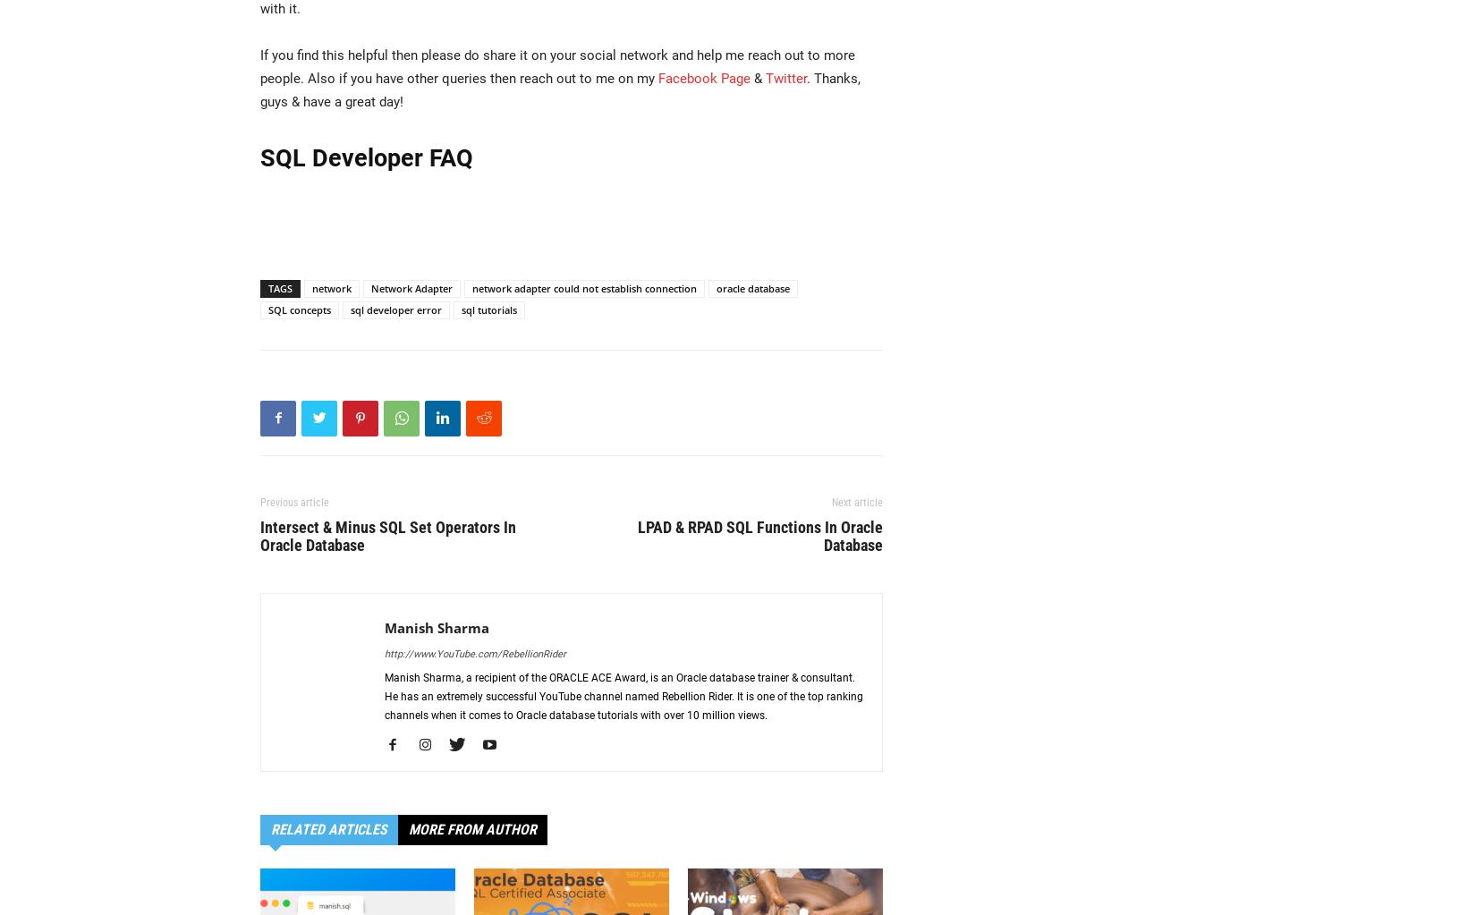 This screenshot has width=1476, height=915. Describe the element at coordinates (383, 694) in the screenshot. I see `'Manish Sharma, a recipient of the ORACLE ACE Award, is an Oracle database trainer & consultant. He has an extremely successful YouTube channel named Rebellion Rider. It is one of the top ranking channels when it comes to Oracle database tutorials with over 10 million views.'` at that location.